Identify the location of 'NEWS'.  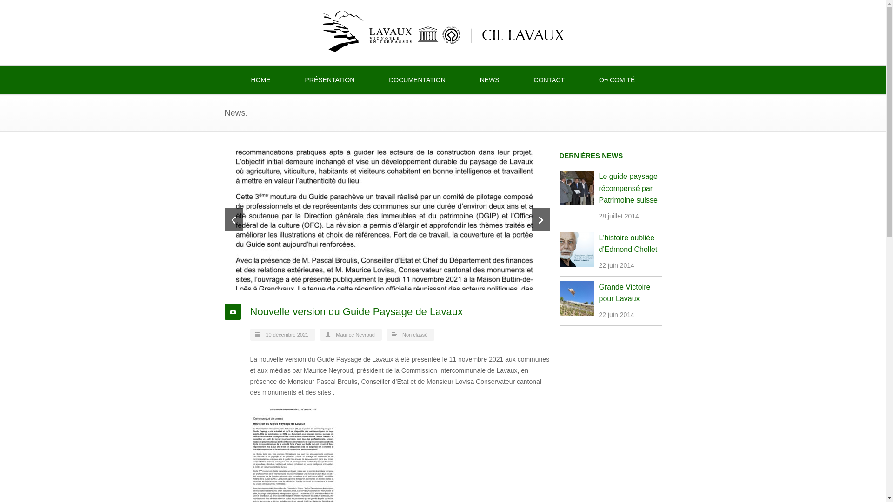
(489, 79).